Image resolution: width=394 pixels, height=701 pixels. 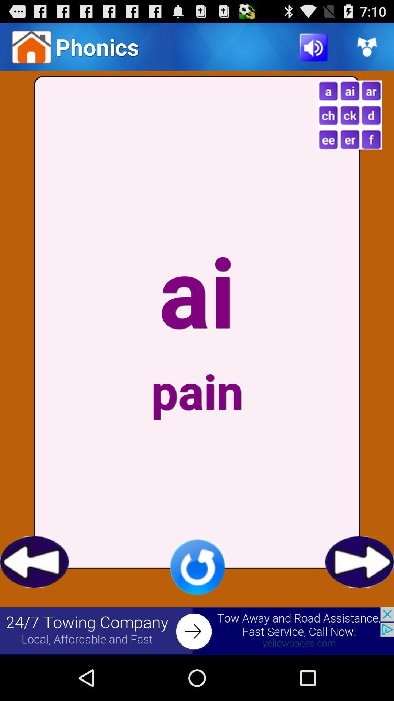 I want to click on go forward, so click(x=359, y=562).